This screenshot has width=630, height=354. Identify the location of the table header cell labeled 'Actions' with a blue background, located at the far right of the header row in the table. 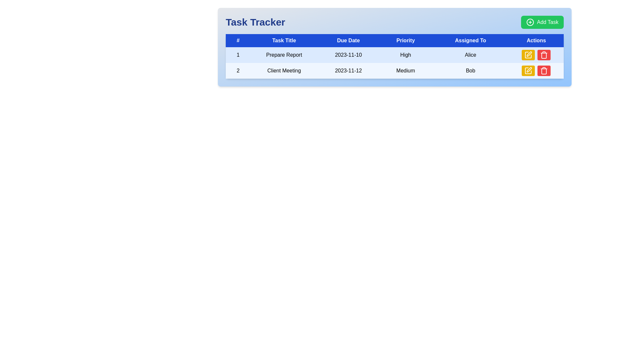
(536, 40).